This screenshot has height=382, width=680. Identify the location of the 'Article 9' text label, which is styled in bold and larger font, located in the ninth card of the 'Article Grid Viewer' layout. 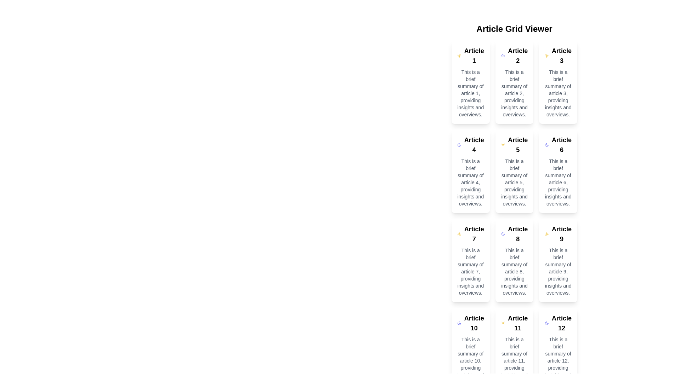
(561, 234).